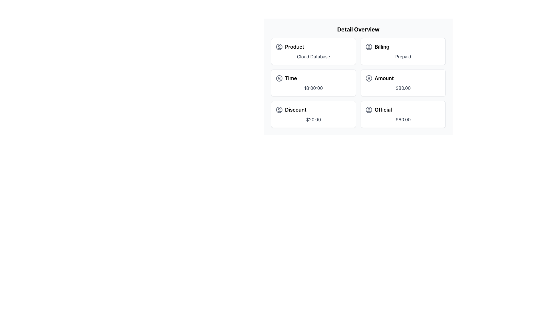 The width and height of the screenshot is (550, 309). I want to click on the user or account icon located in the bottom-right section of the 'Detail Overview' interface, so click(369, 110).